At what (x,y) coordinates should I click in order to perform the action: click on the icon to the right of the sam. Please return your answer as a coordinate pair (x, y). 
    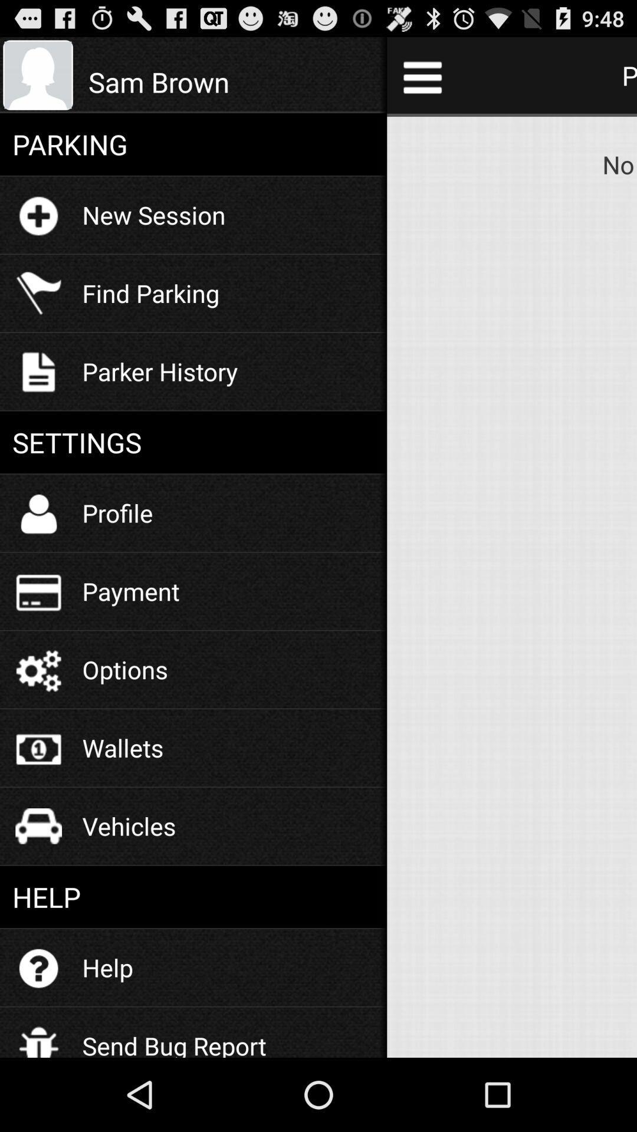
    Looking at the image, I should click on (422, 76).